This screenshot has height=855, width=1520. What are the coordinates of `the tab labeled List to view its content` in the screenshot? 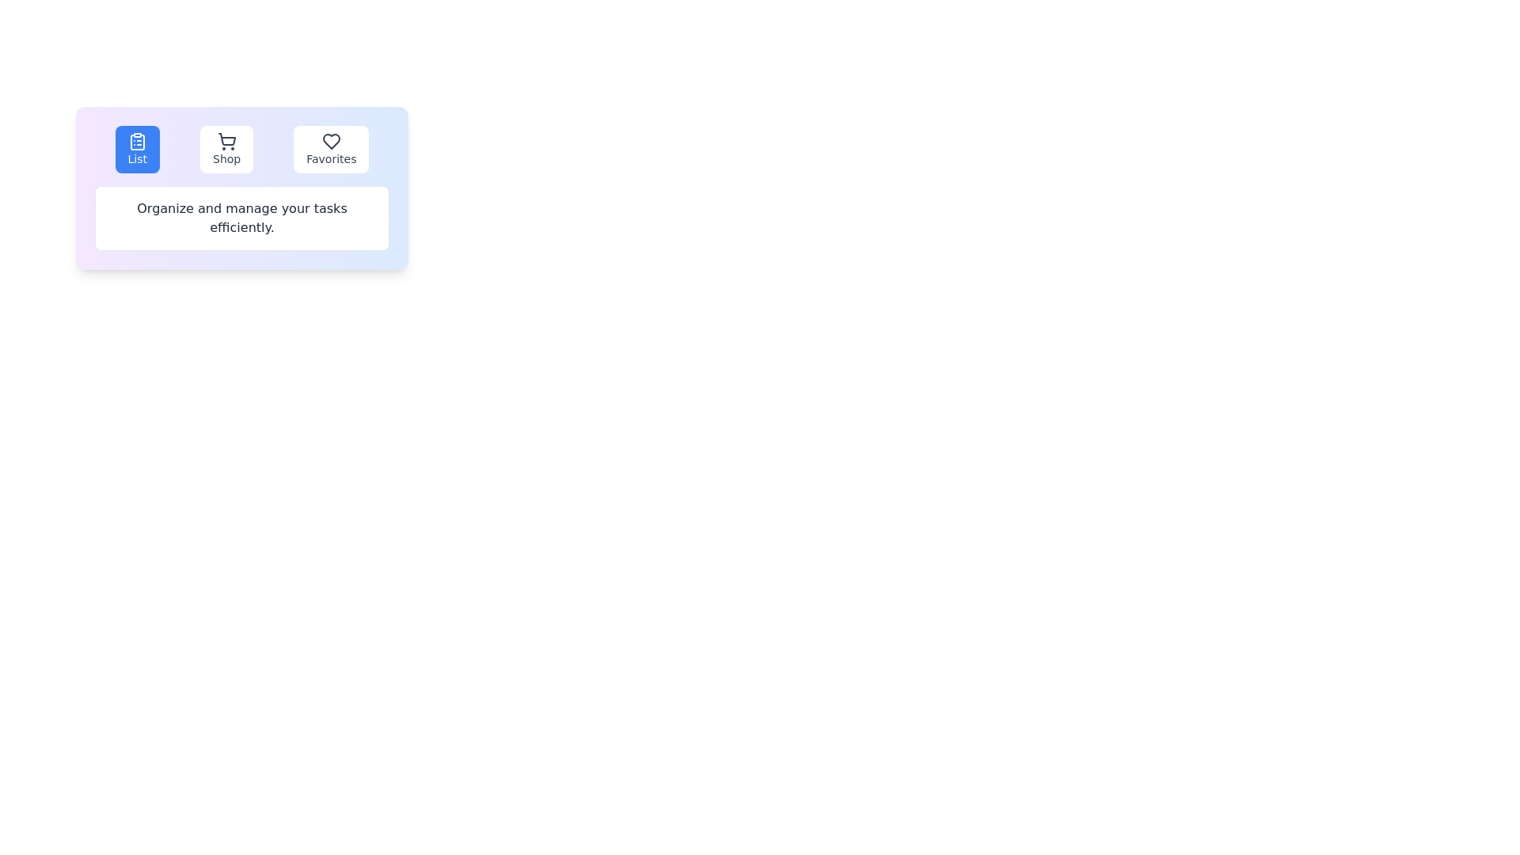 It's located at (137, 150).